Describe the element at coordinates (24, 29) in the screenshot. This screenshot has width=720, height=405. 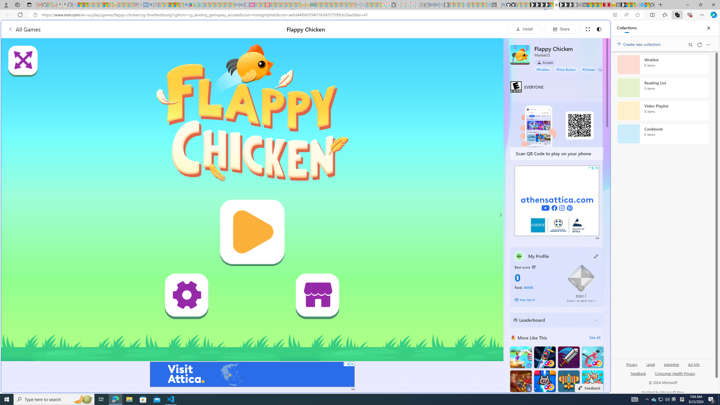
I see `'All Games'` at that location.